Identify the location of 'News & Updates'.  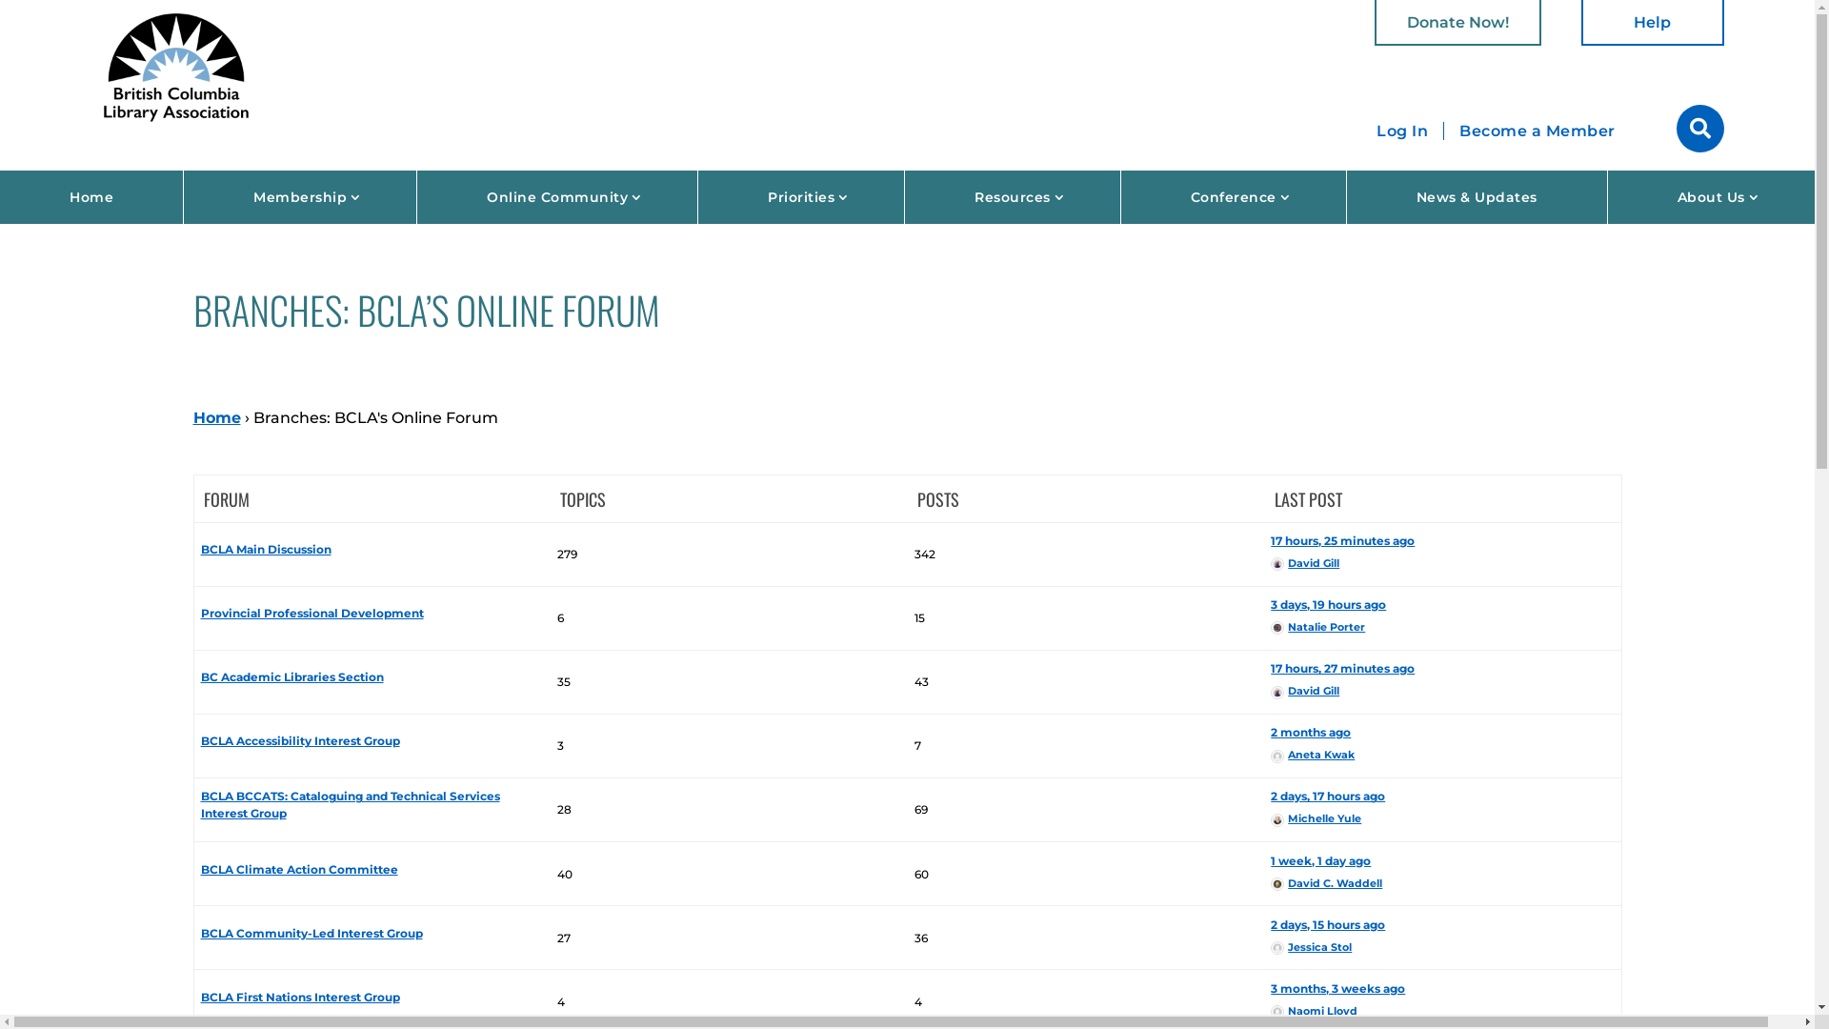
(1476, 197).